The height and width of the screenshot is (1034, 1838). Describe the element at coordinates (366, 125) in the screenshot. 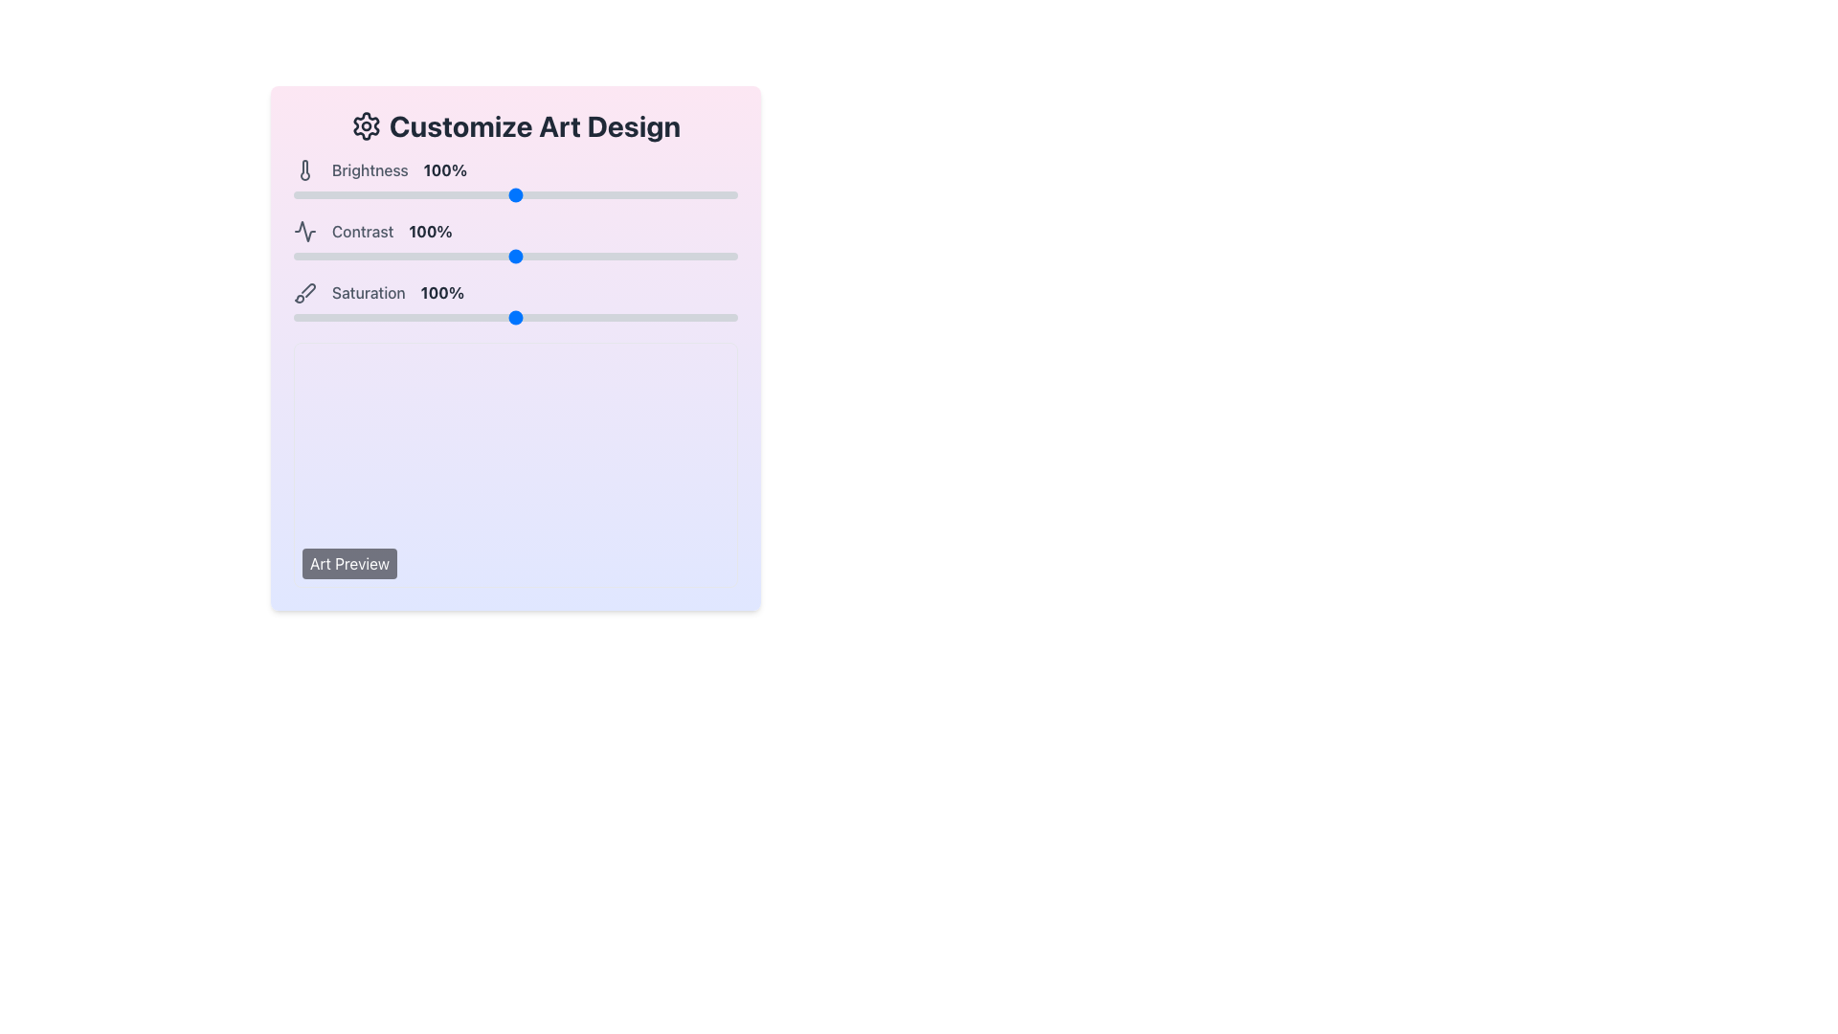

I see `the decorative icon indicating customization settings in the 'Customize Art Design' section` at that location.